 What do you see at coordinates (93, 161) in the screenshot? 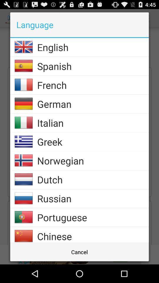
I see `item below the greek` at bounding box center [93, 161].